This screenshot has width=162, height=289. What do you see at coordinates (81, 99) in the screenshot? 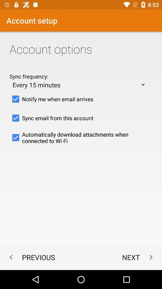
I see `icon below every 15 minutes icon` at bounding box center [81, 99].